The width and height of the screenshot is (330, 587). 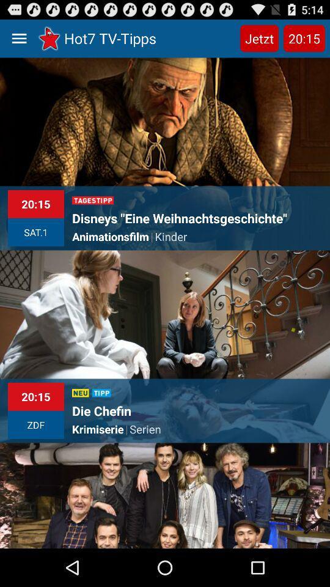 What do you see at coordinates (258, 38) in the screenshot?
I see `the icon to the right of the hot7 tv-tipps icon` at bounding box center [258, 38].